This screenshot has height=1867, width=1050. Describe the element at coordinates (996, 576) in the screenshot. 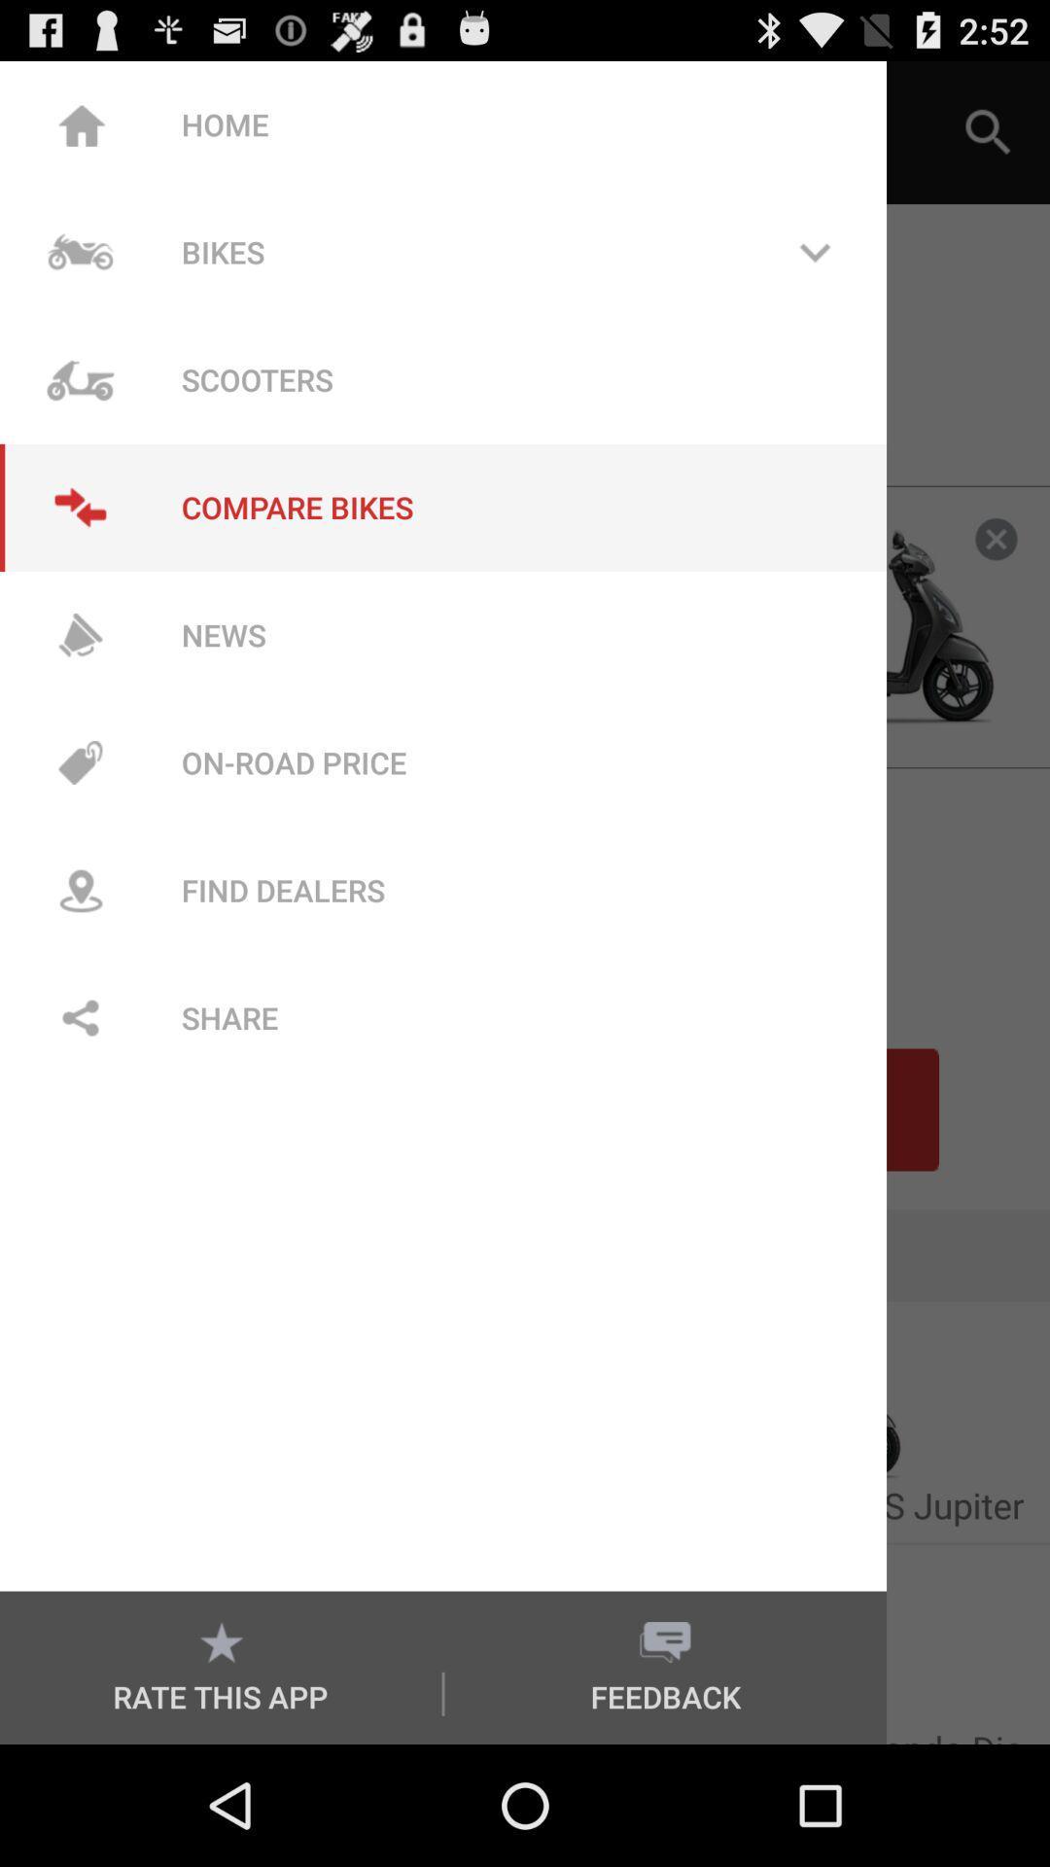

I see `the close icon` at that location.